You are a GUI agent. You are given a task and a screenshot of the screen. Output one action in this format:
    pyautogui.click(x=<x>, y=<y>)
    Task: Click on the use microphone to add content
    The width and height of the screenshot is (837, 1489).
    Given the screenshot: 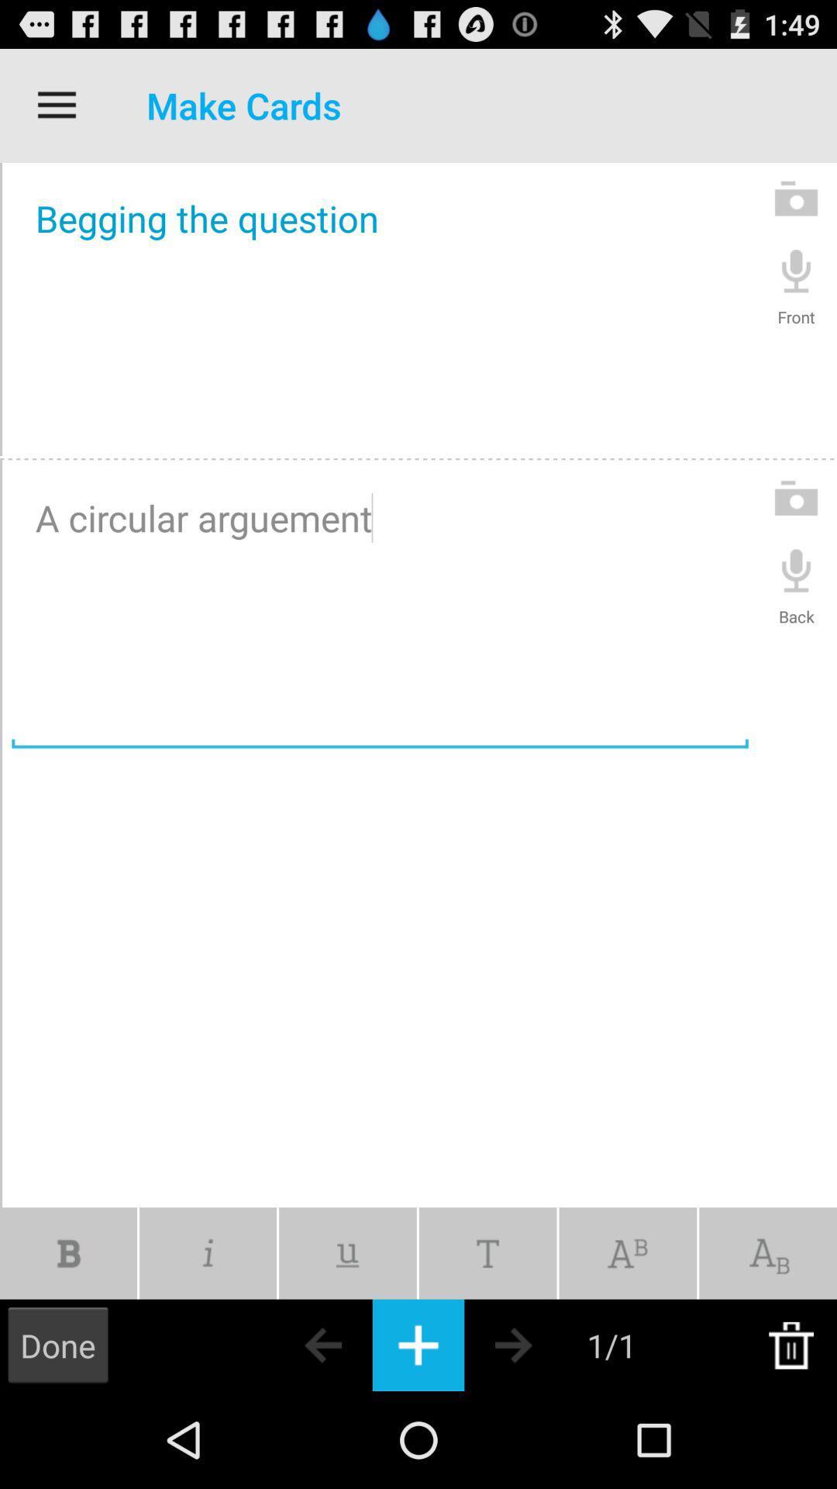 What is the action you would take?
    pyautogui.click(x=796, y=568)
    